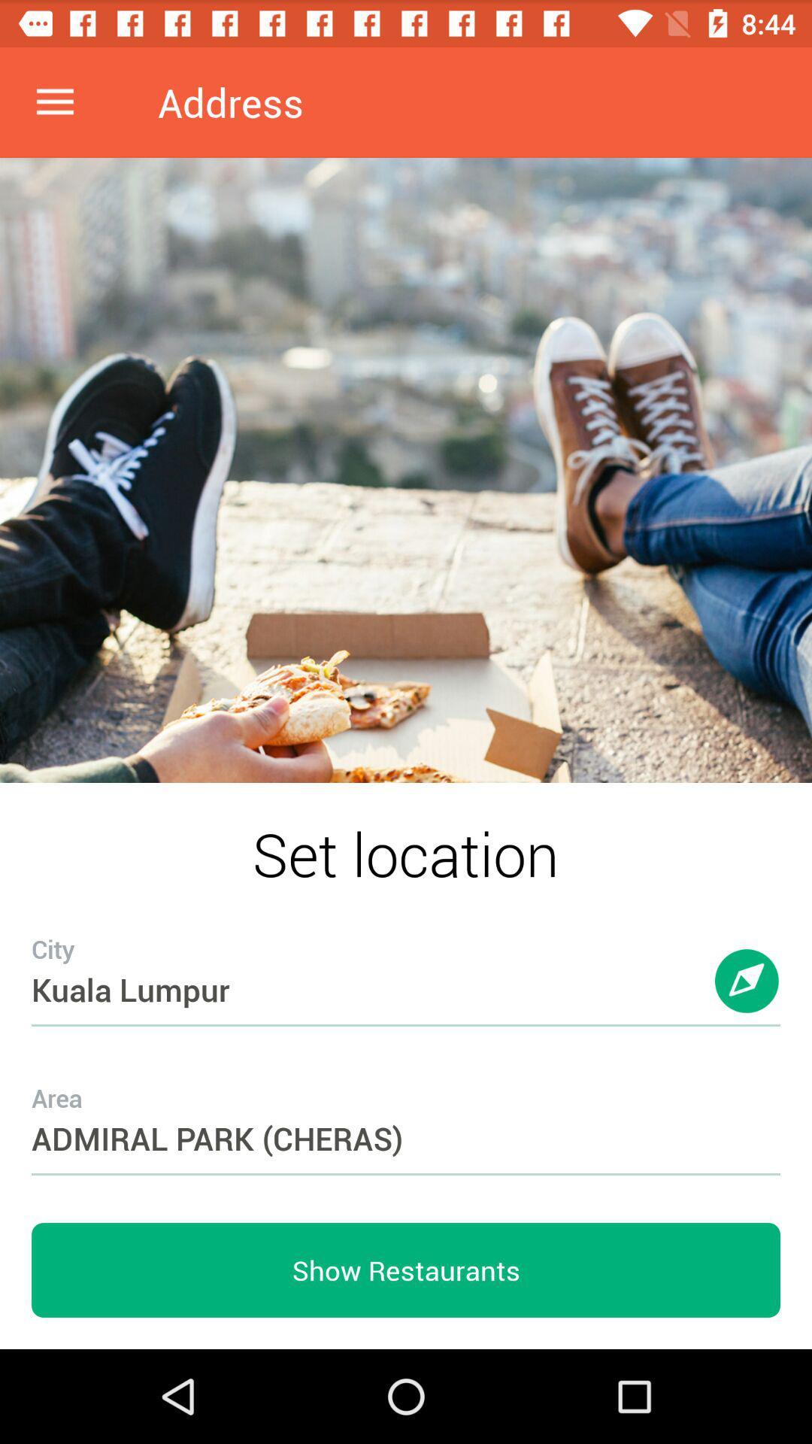 The width and height of the screenshot is (812, 1444). Describe the element at coordinates (747, 996) in the screenshot. I see `click location` at that location.